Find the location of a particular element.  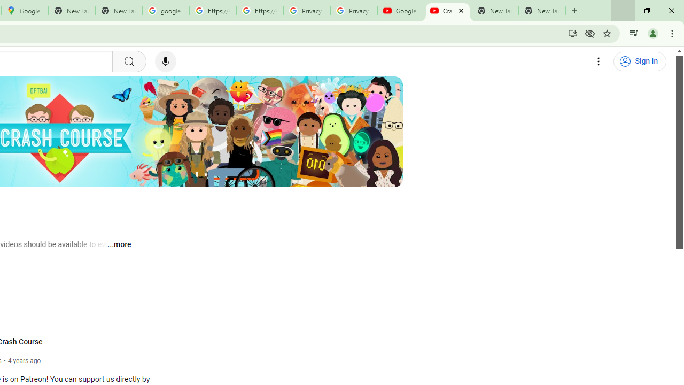

'CrashCourse - YouTube' is located at coordinates (447, 11).